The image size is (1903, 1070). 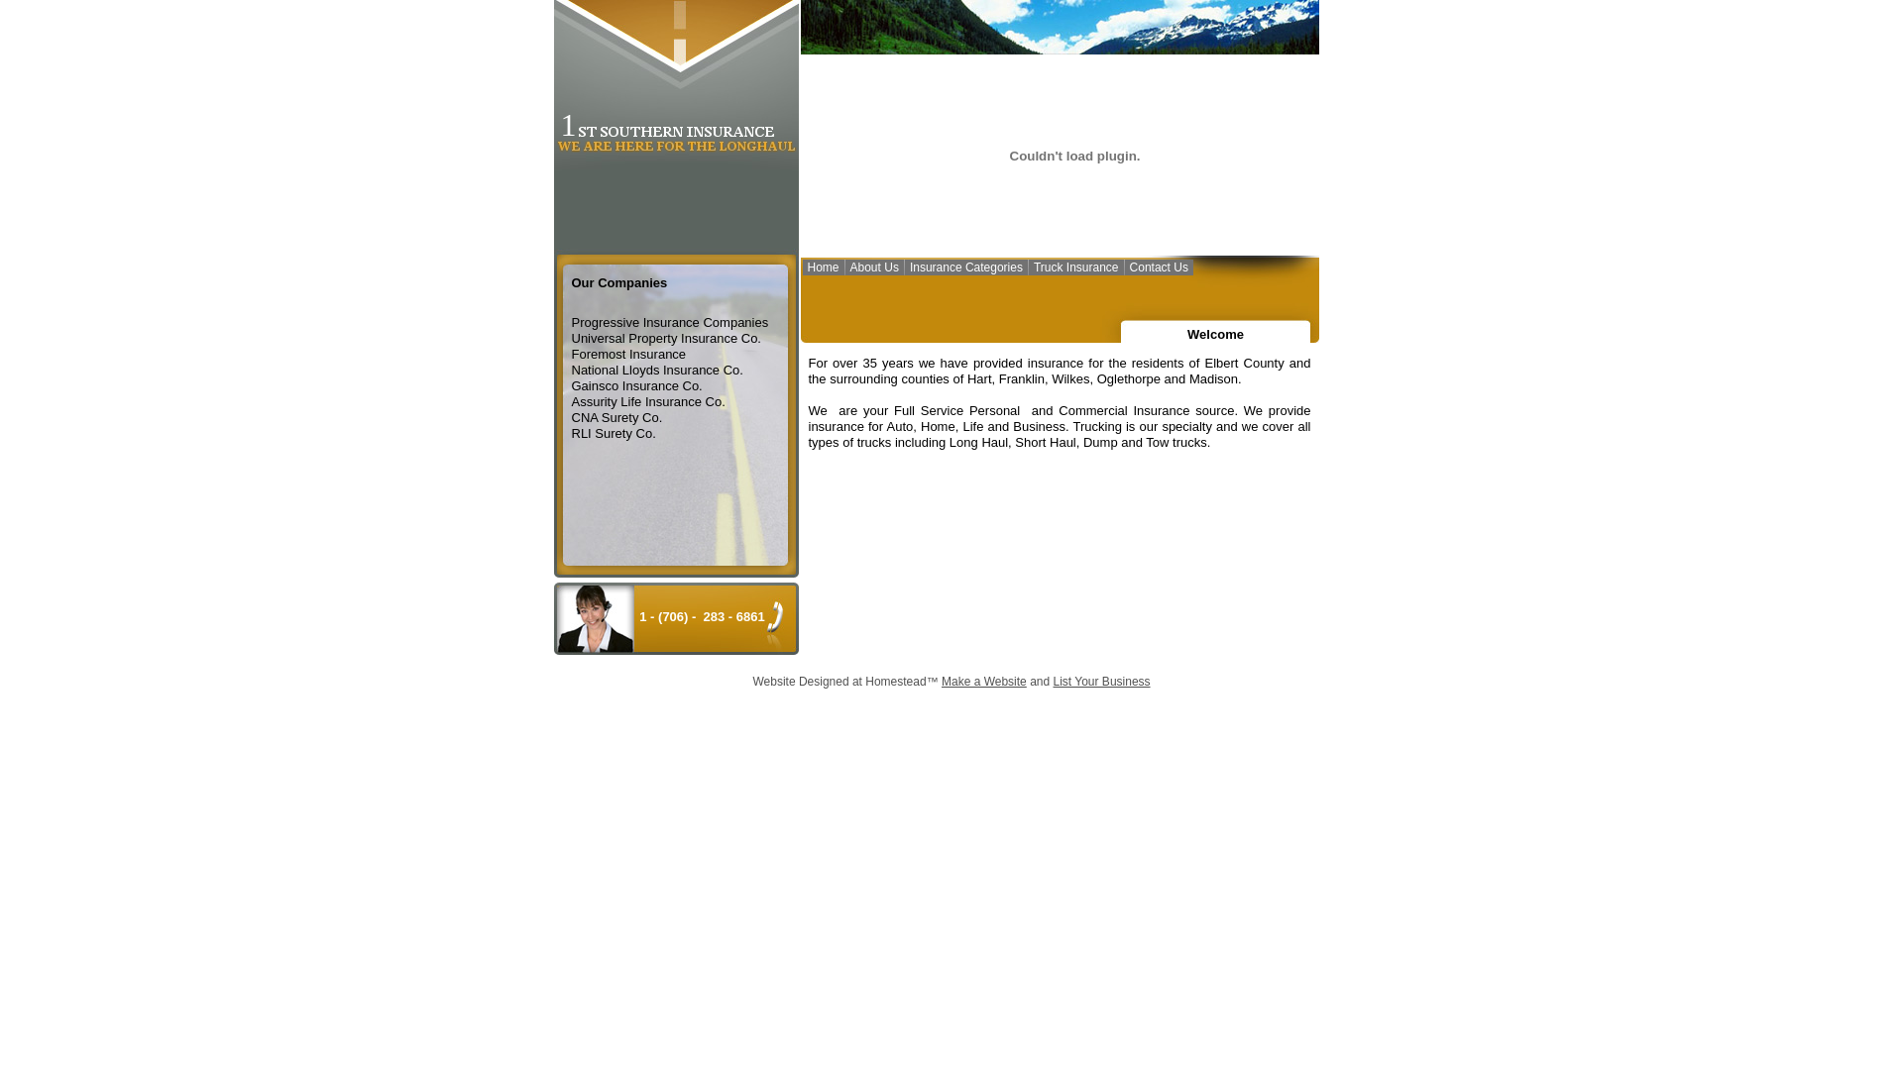 I want to click on 'List Your Business', so click(x=1099, y=680).